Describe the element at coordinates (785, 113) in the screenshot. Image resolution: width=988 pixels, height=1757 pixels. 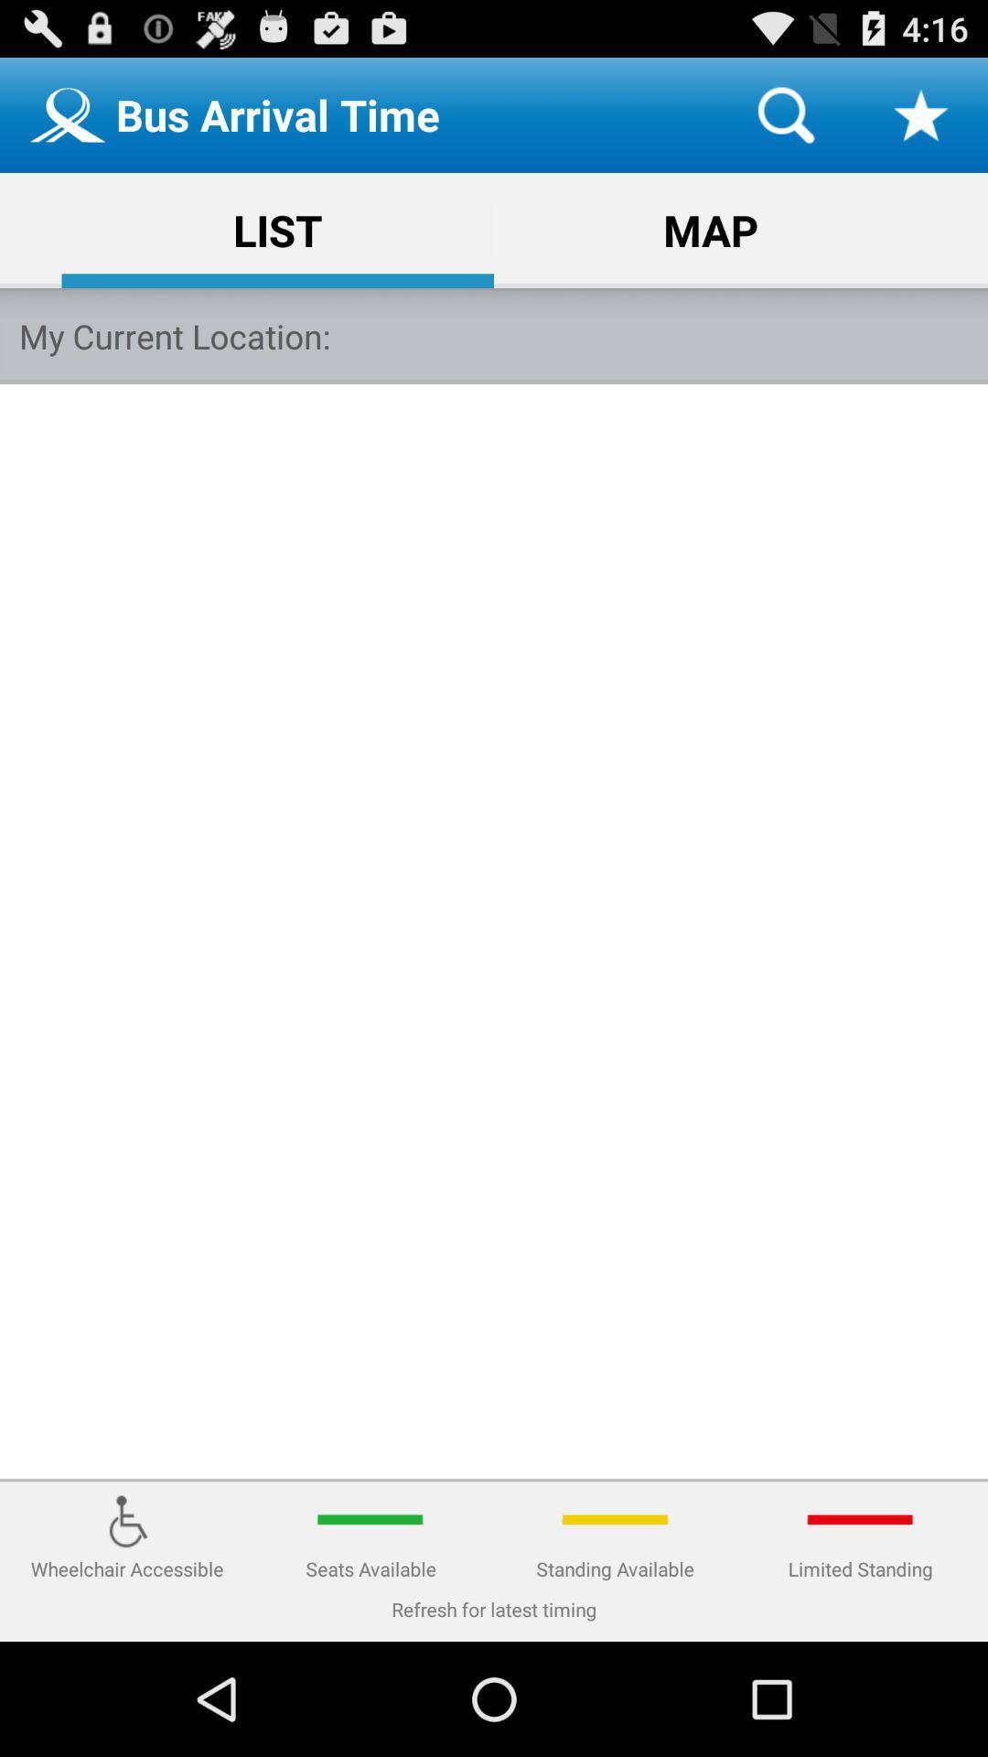
I see `the search icon beside star` at that location.